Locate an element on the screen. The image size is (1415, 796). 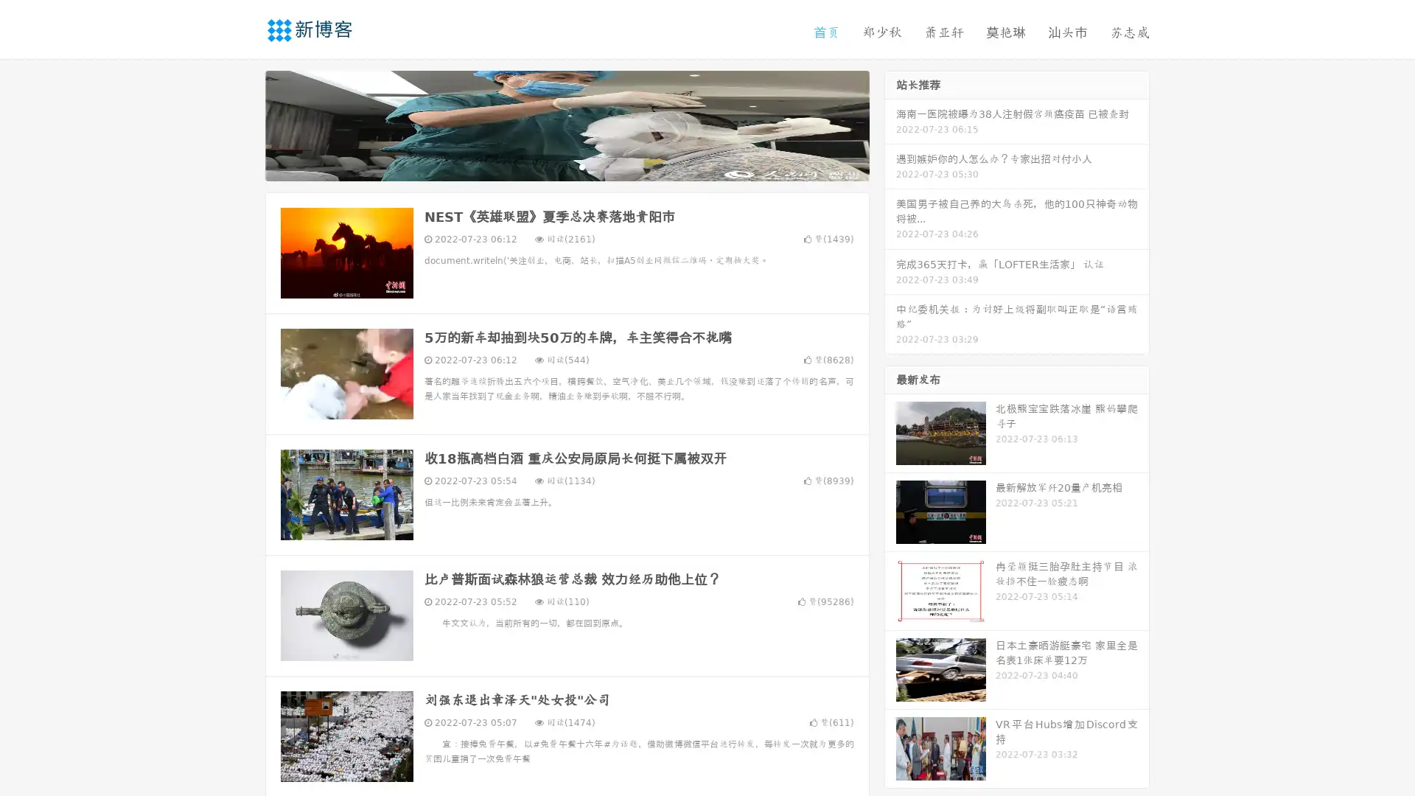
Go to slide 3 is located at coordinates (581, 166).